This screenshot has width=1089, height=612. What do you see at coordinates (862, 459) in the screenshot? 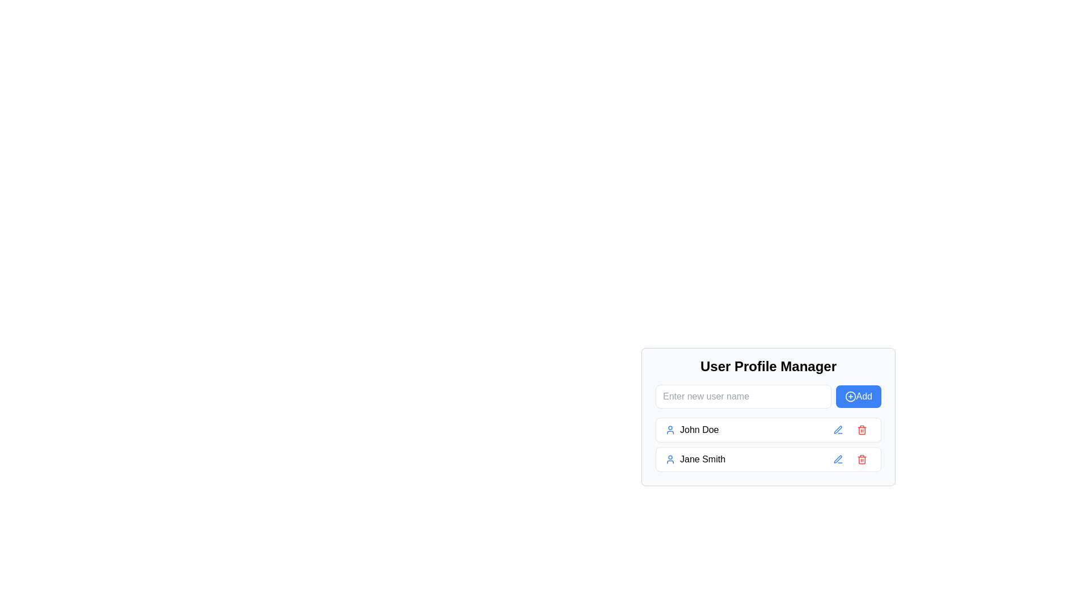
I see `the delete button for the user entry 'Jane Smith'` at bounding box center [862, 459].